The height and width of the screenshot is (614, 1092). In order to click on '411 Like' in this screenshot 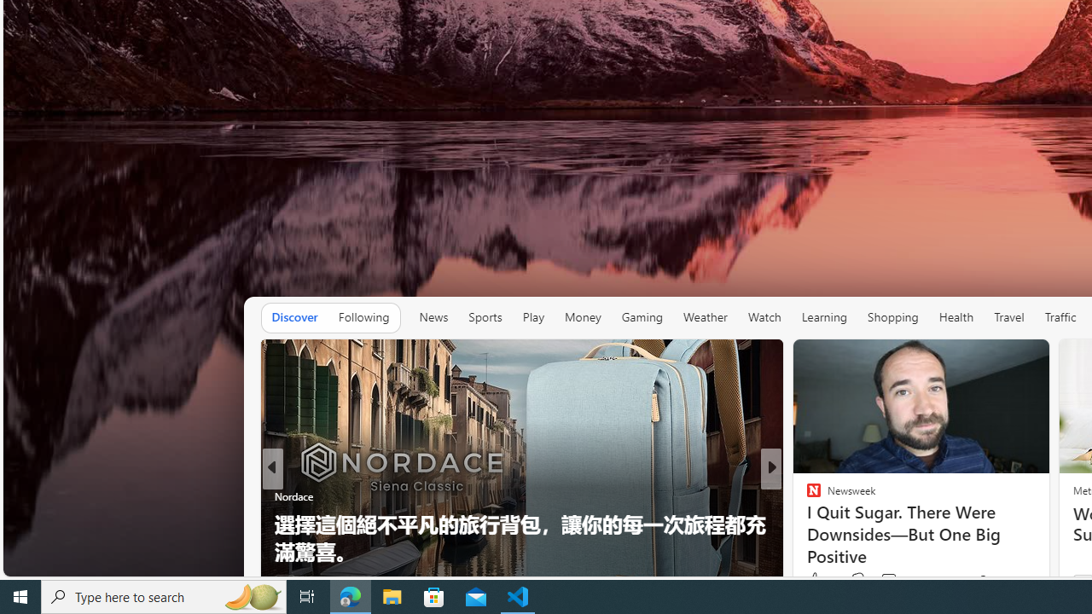, I will do `click(817, 580)`.